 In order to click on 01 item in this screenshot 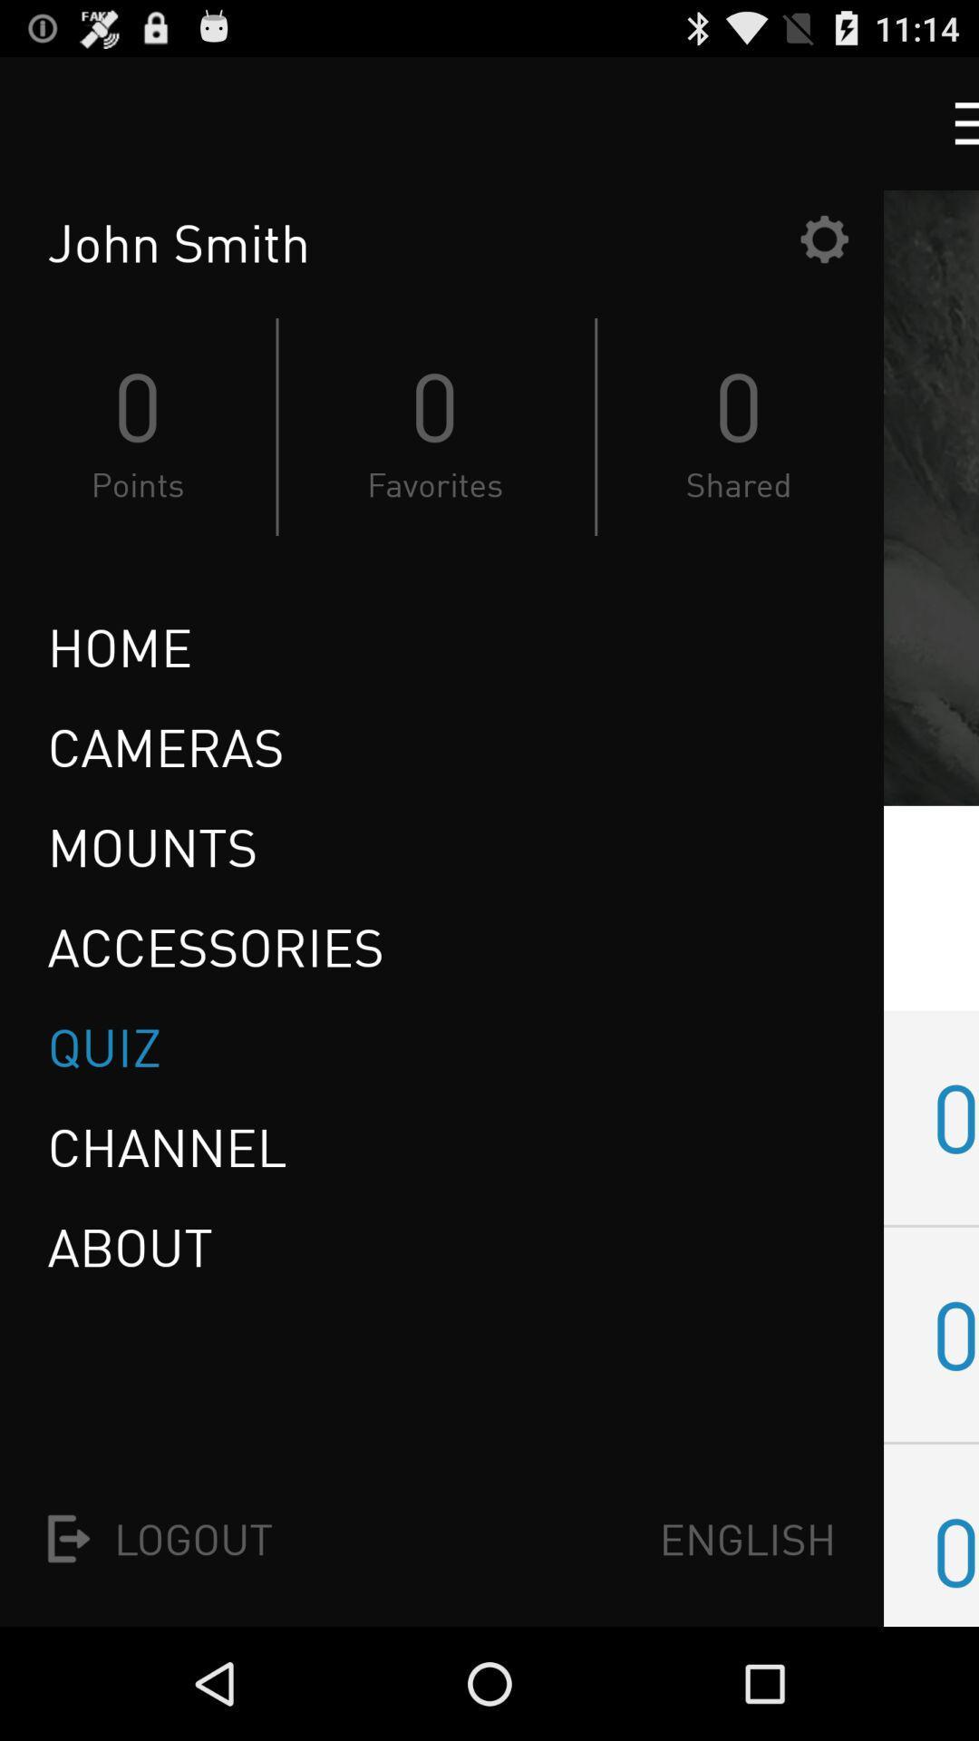, I will do `click(954, 1116)`.